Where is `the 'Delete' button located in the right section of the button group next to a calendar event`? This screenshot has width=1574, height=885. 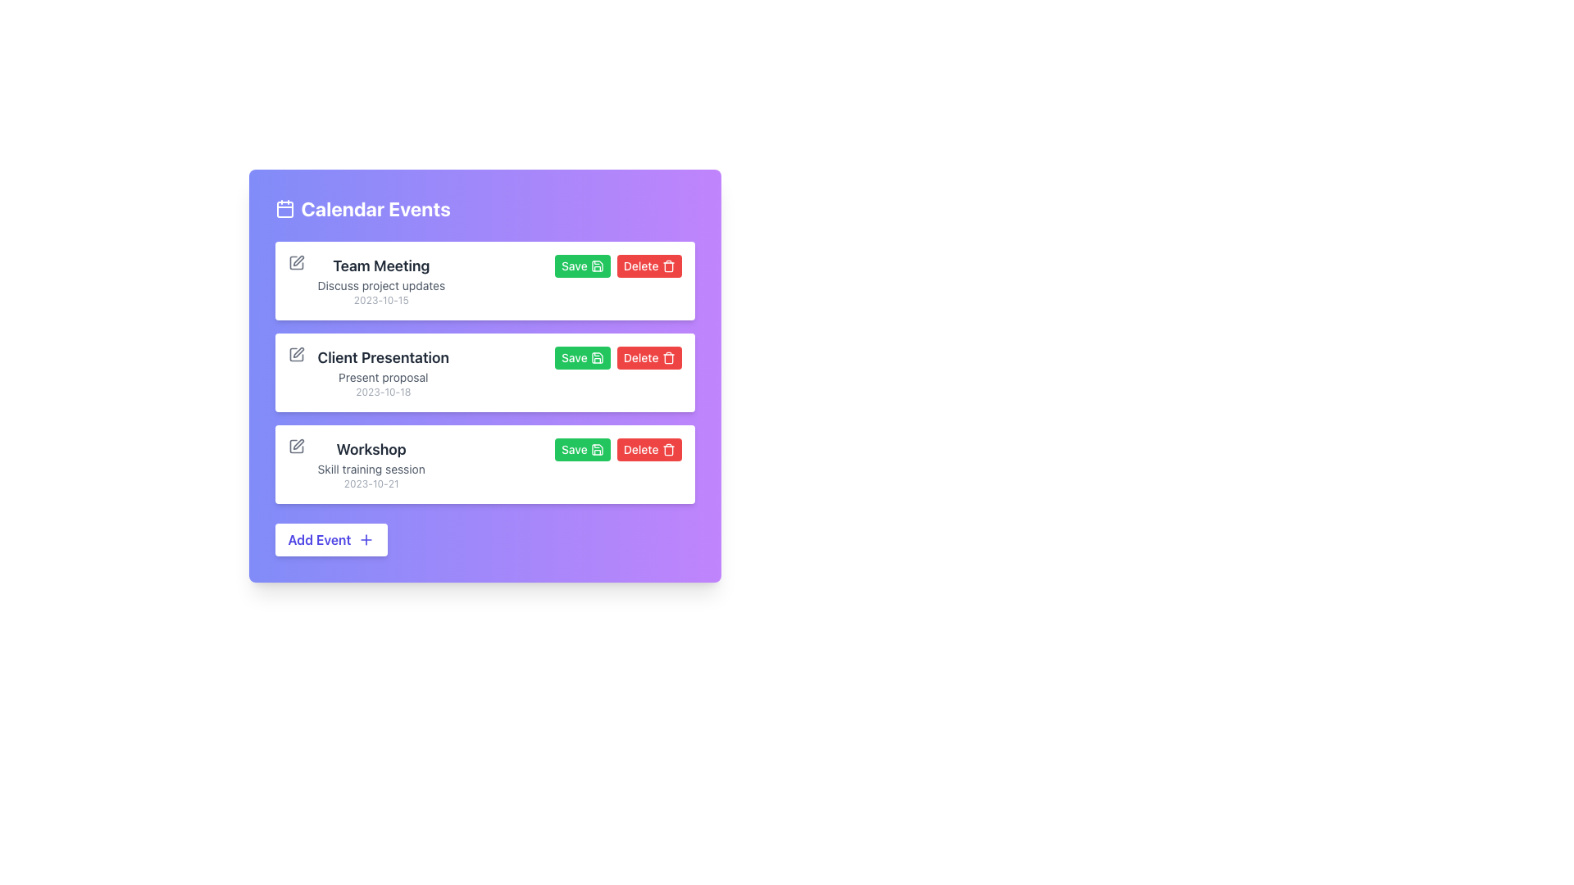 the 'Delete' button located in the right section of the button group next to a calendar event is located at coordinates (648, 356).